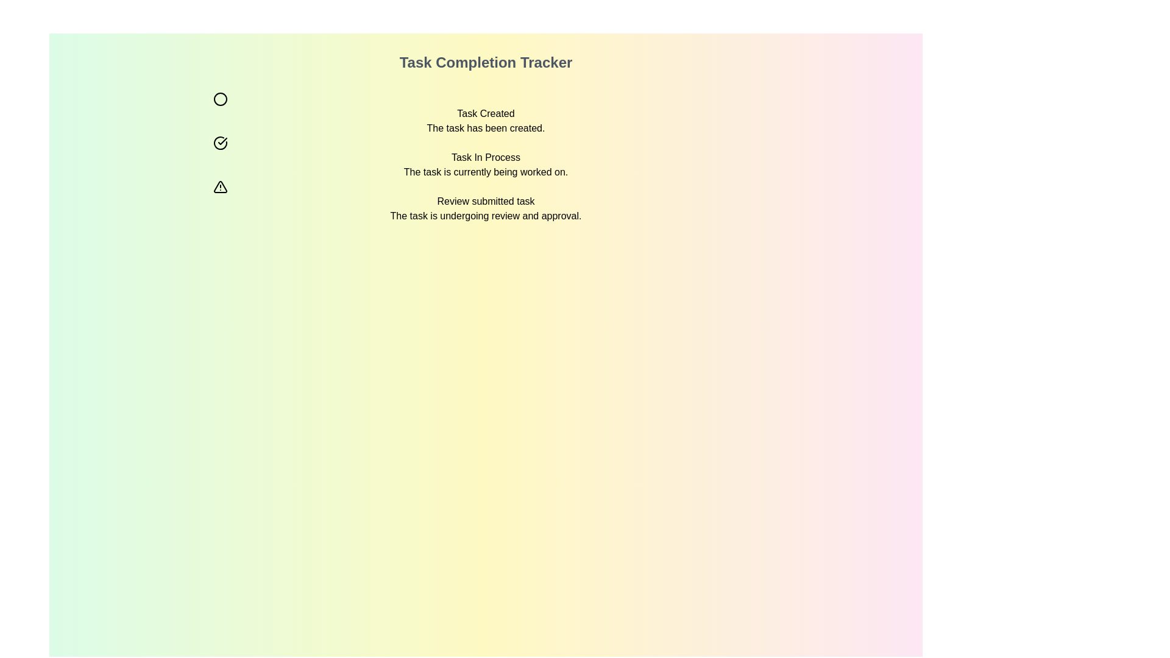 The width and height of the screenshot is (1170, 658). I want to click on the 'Task Completion Tracker' label, which is a bold and large text displayed at the top center of the interface, conveying a heading quality, so click(485, 63).